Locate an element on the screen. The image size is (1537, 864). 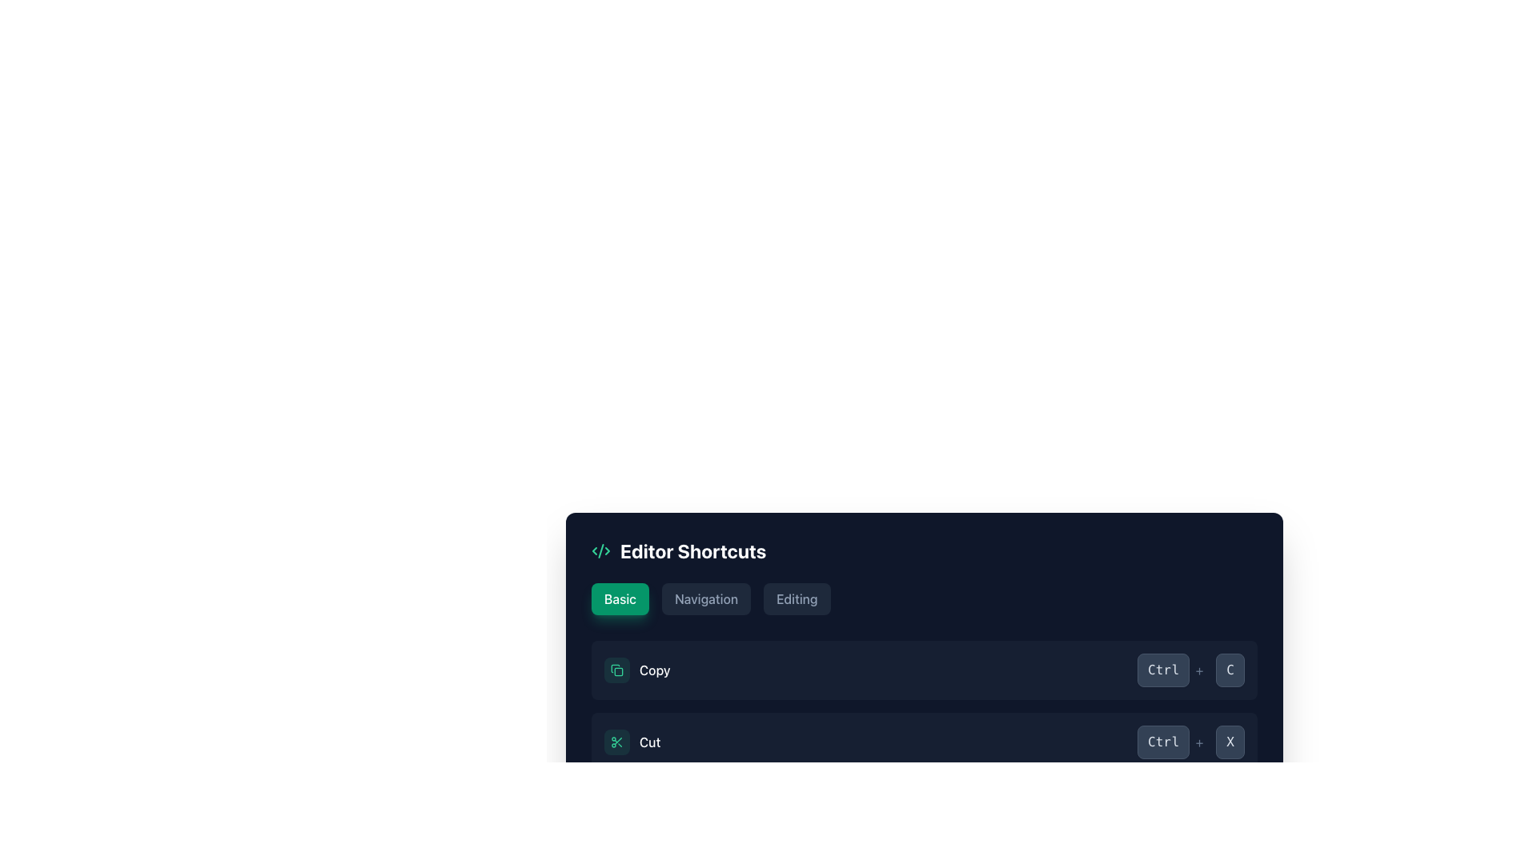
the 'Basic' button, which is the leftmost button in a row of three, featuring white capitalized text on a green background, located below the 'Editor Shortcuts' heading is located at coordinates (620, 598).